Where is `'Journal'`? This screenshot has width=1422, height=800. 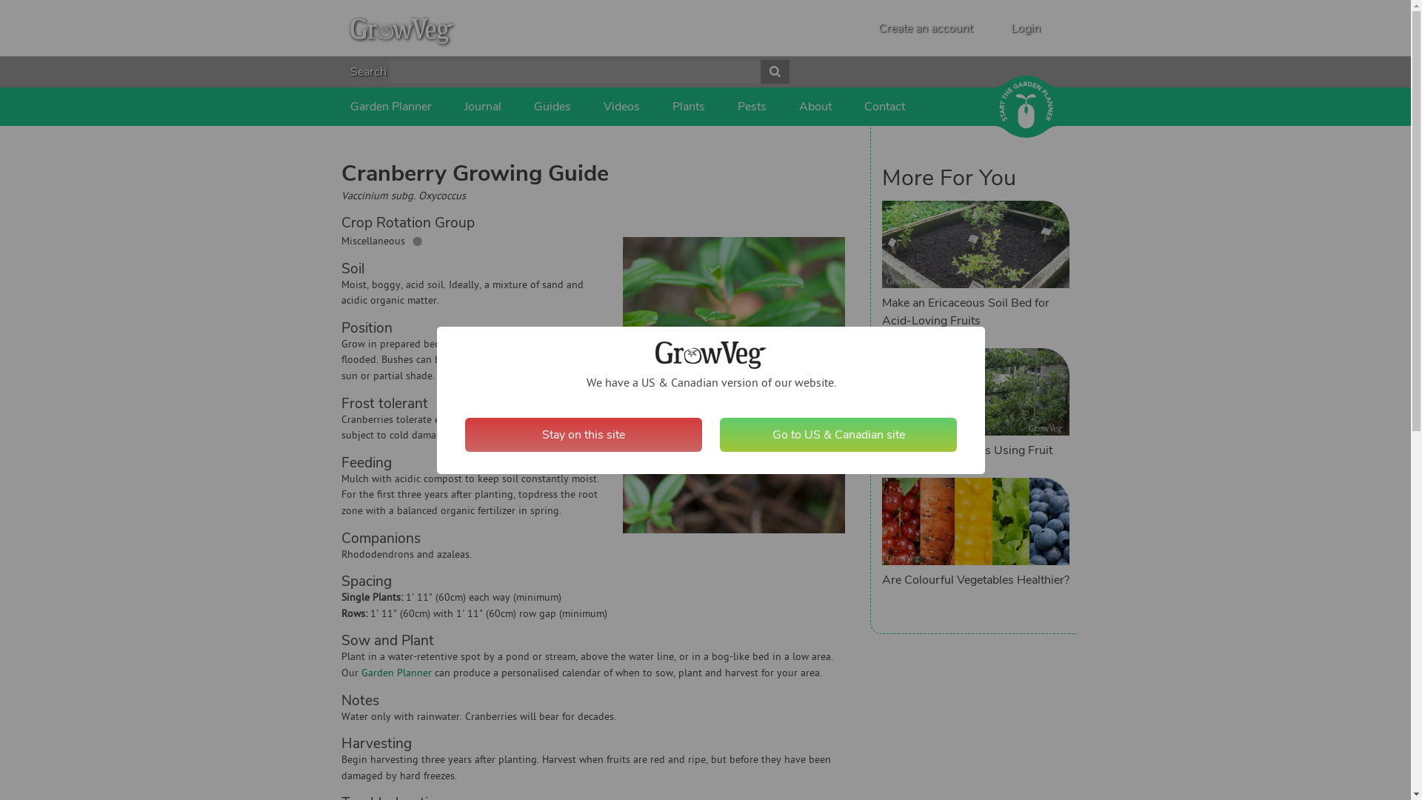 'Journal' is located at coordinates (482, 105).